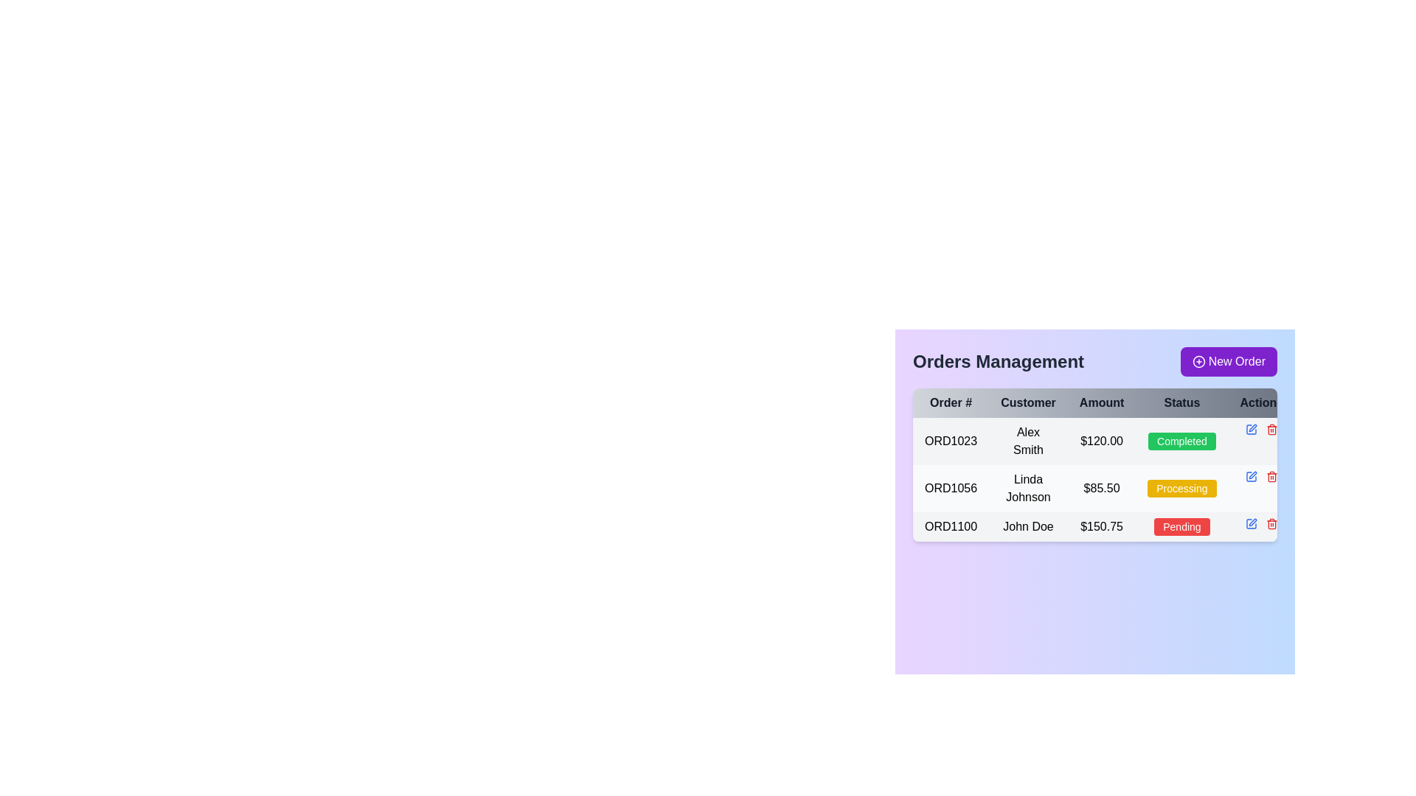  Describe the element at coordinates (1250, 477) in the screenshot. I see `the small blue pen icon button in the 'Action' column corresponding to order 'ORD1056' to initiate editing` at that location.